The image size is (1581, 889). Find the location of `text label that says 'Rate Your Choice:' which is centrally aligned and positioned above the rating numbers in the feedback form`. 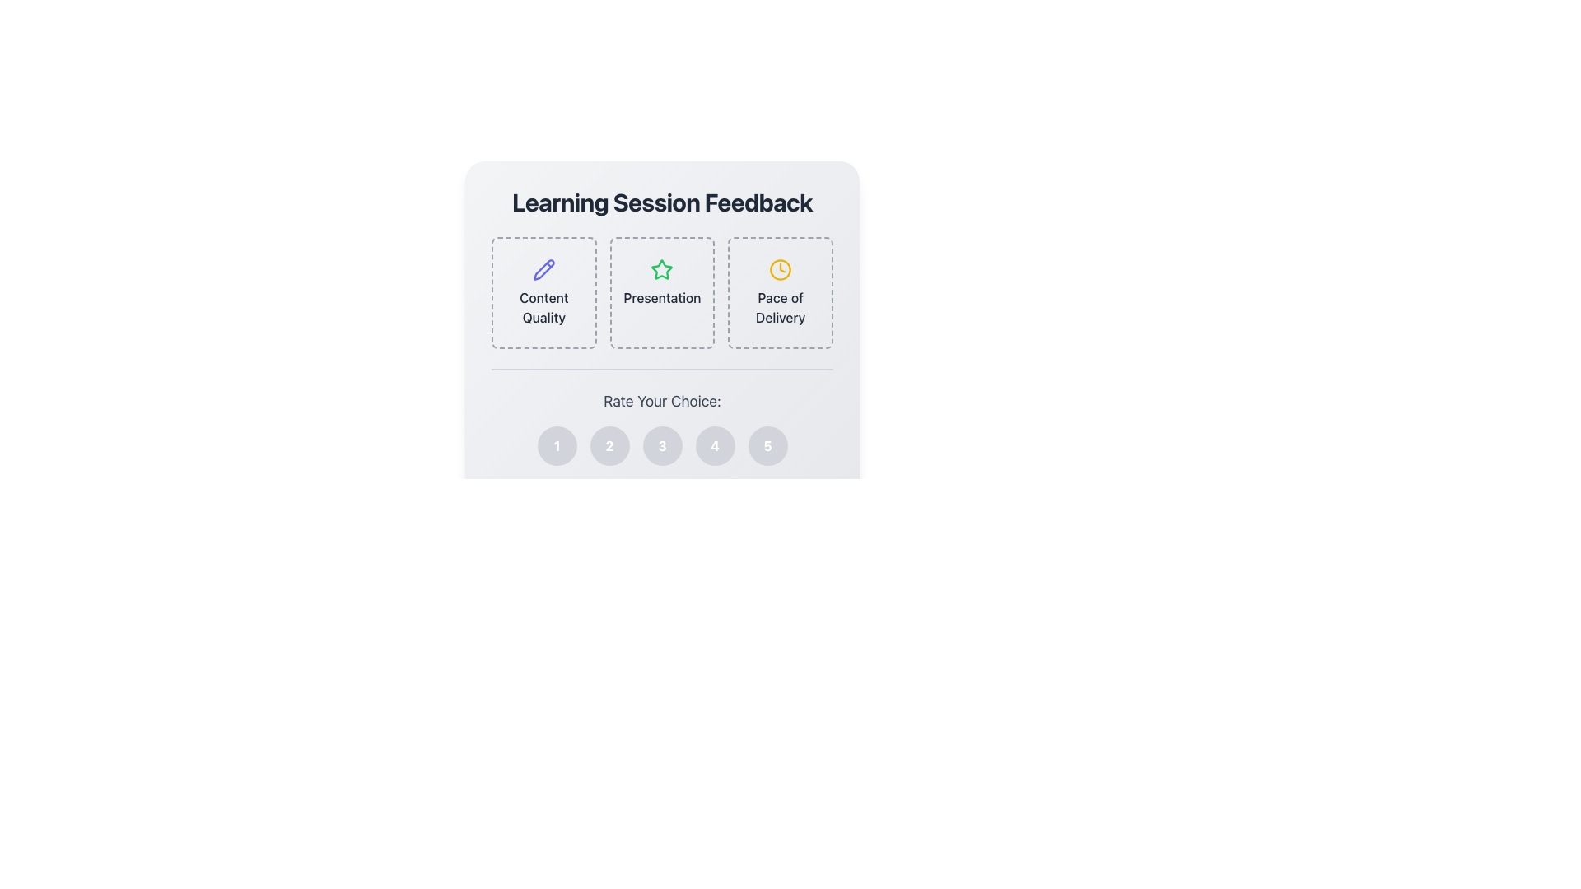

text label that says 'Rate Your Choice:' which is centrally aligned and positioned above the rating numbers in the feedback form is located at coordinates (662, 402).